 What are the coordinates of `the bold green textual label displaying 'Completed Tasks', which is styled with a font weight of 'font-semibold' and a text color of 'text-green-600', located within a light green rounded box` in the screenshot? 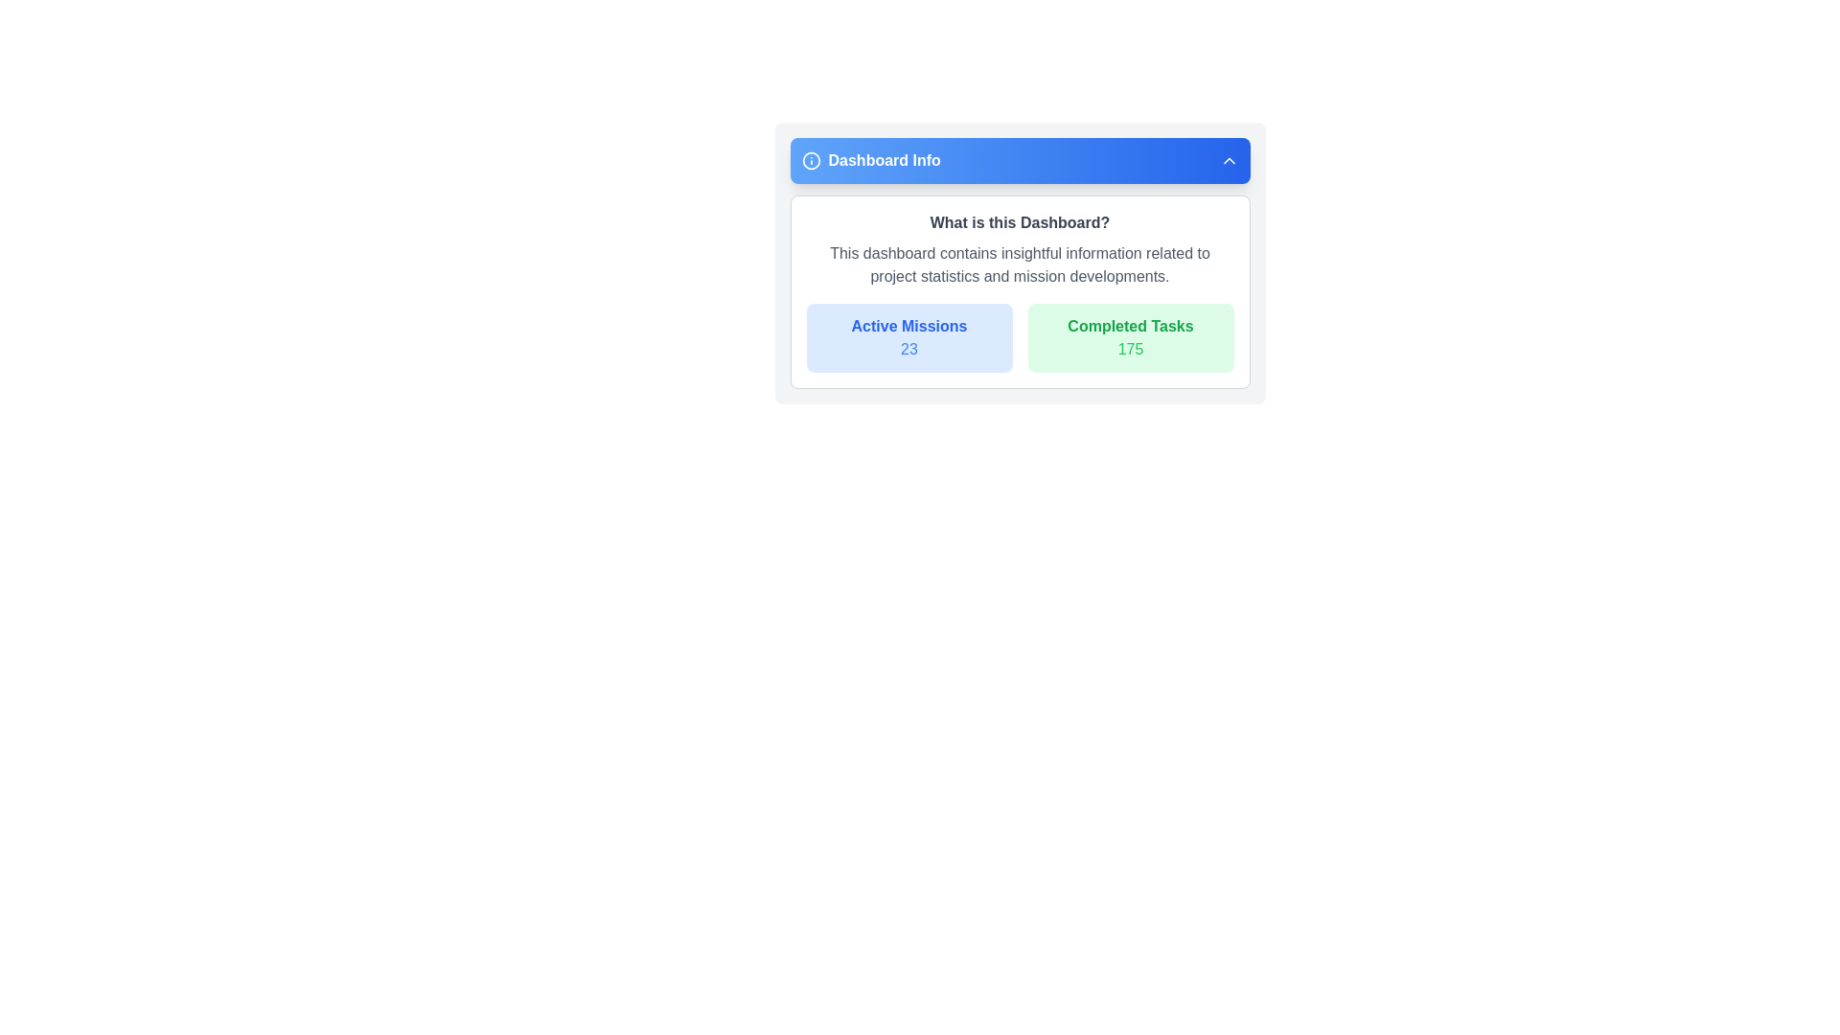 It's located at (1131, 325).